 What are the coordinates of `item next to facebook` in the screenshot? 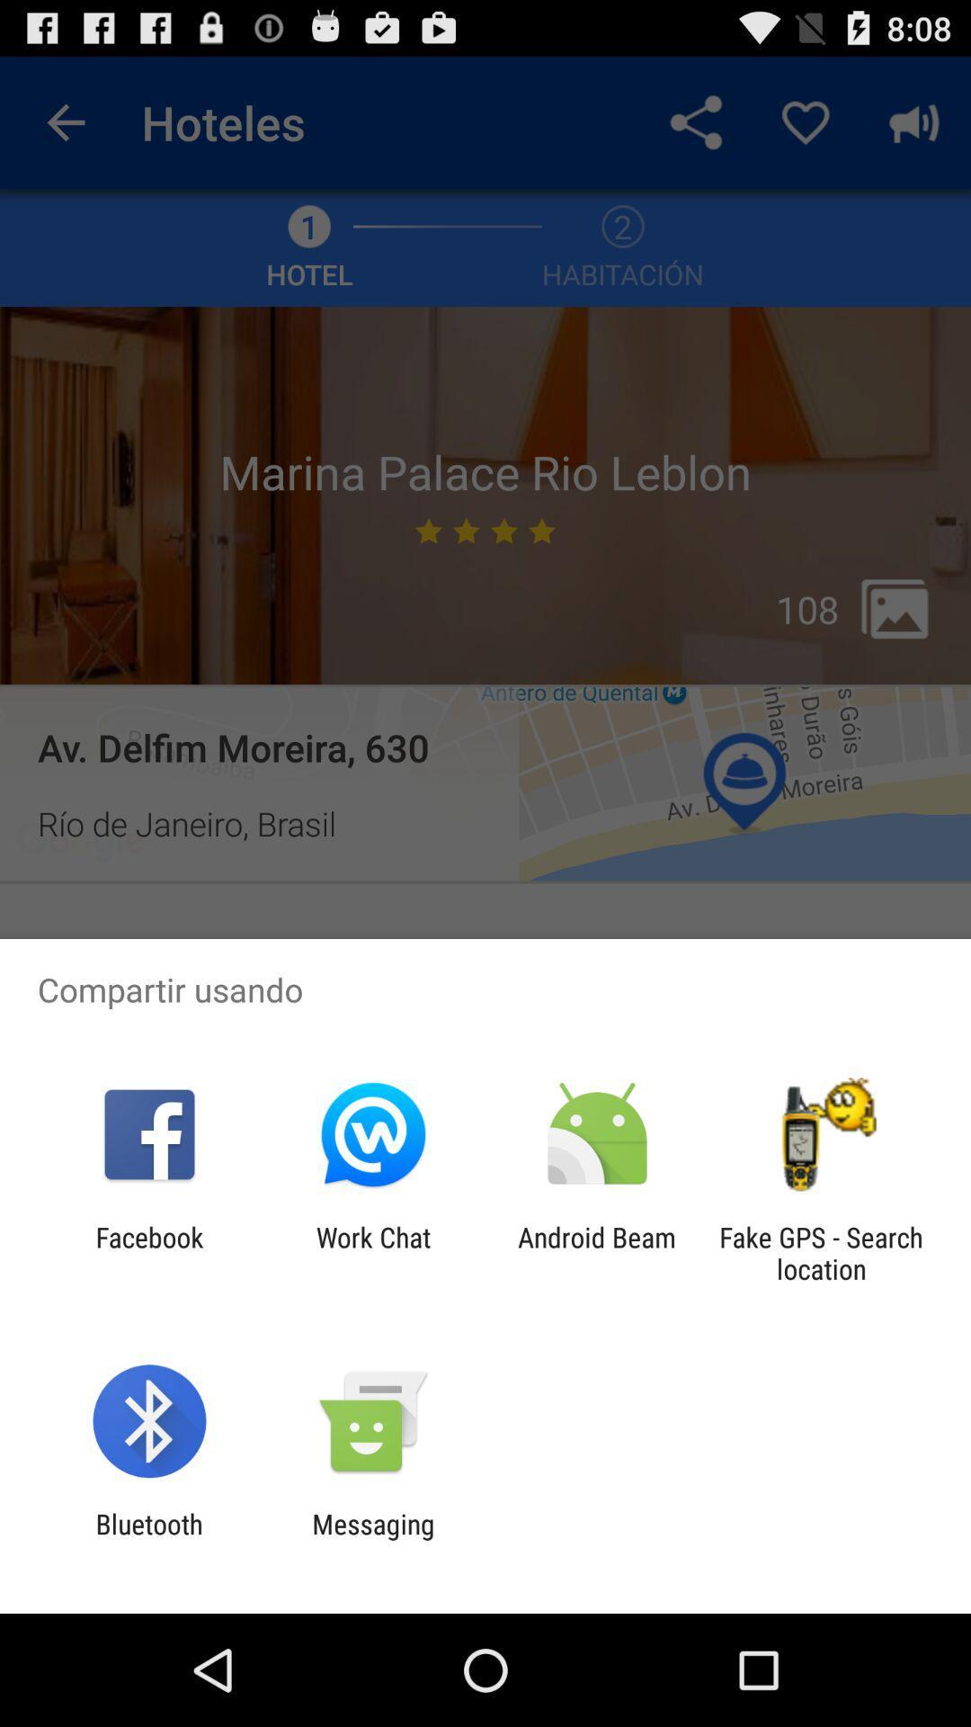 It's located at (372, 1252).